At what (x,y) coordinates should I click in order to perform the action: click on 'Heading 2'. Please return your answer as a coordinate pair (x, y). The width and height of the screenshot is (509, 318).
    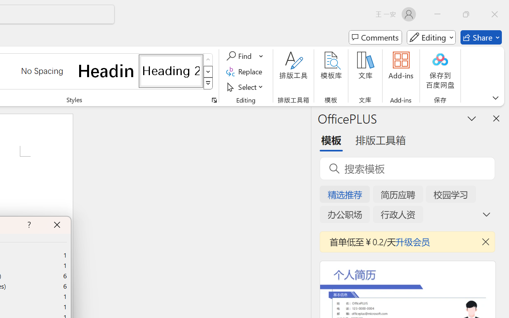
    Looking at the image, I should click on (171, 70).